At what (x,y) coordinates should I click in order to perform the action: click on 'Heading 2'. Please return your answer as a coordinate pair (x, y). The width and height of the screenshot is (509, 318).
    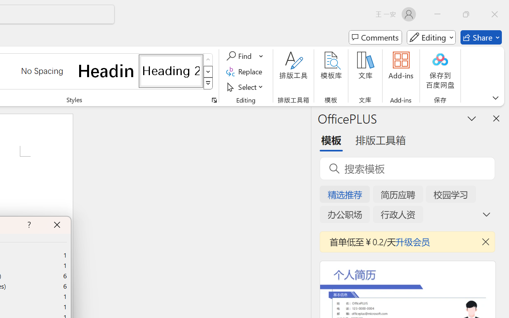
    Looking at the image, I should click on (171, 70).